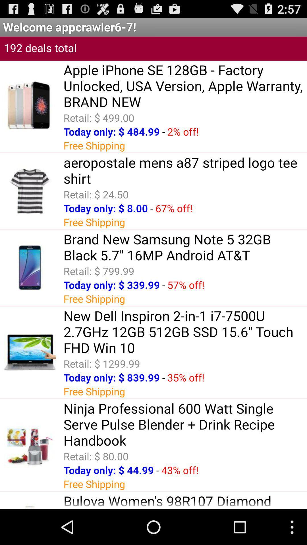 This screenshot has width=307, height=545. I want to click on icon below free shipping icon, so click(185, 500).